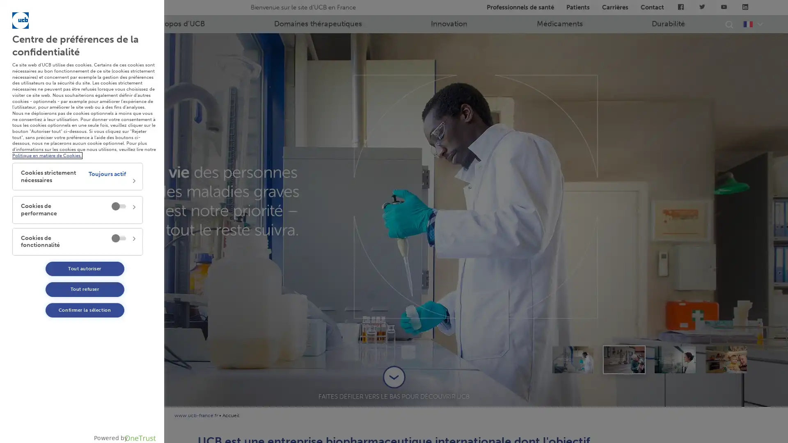  I want to click on Tout autoriser, so click(85, 269).